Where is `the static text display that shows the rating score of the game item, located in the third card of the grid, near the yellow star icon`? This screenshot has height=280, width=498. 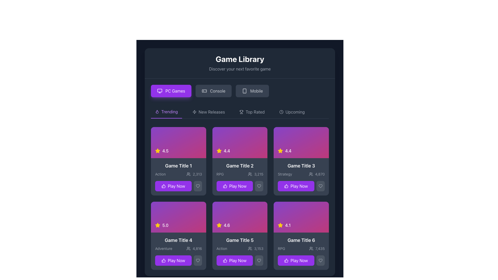
the static text display that shows the rating score of the game item, located in the third card of the grid, near the yellow star icon is located at coordinates (288, 151).